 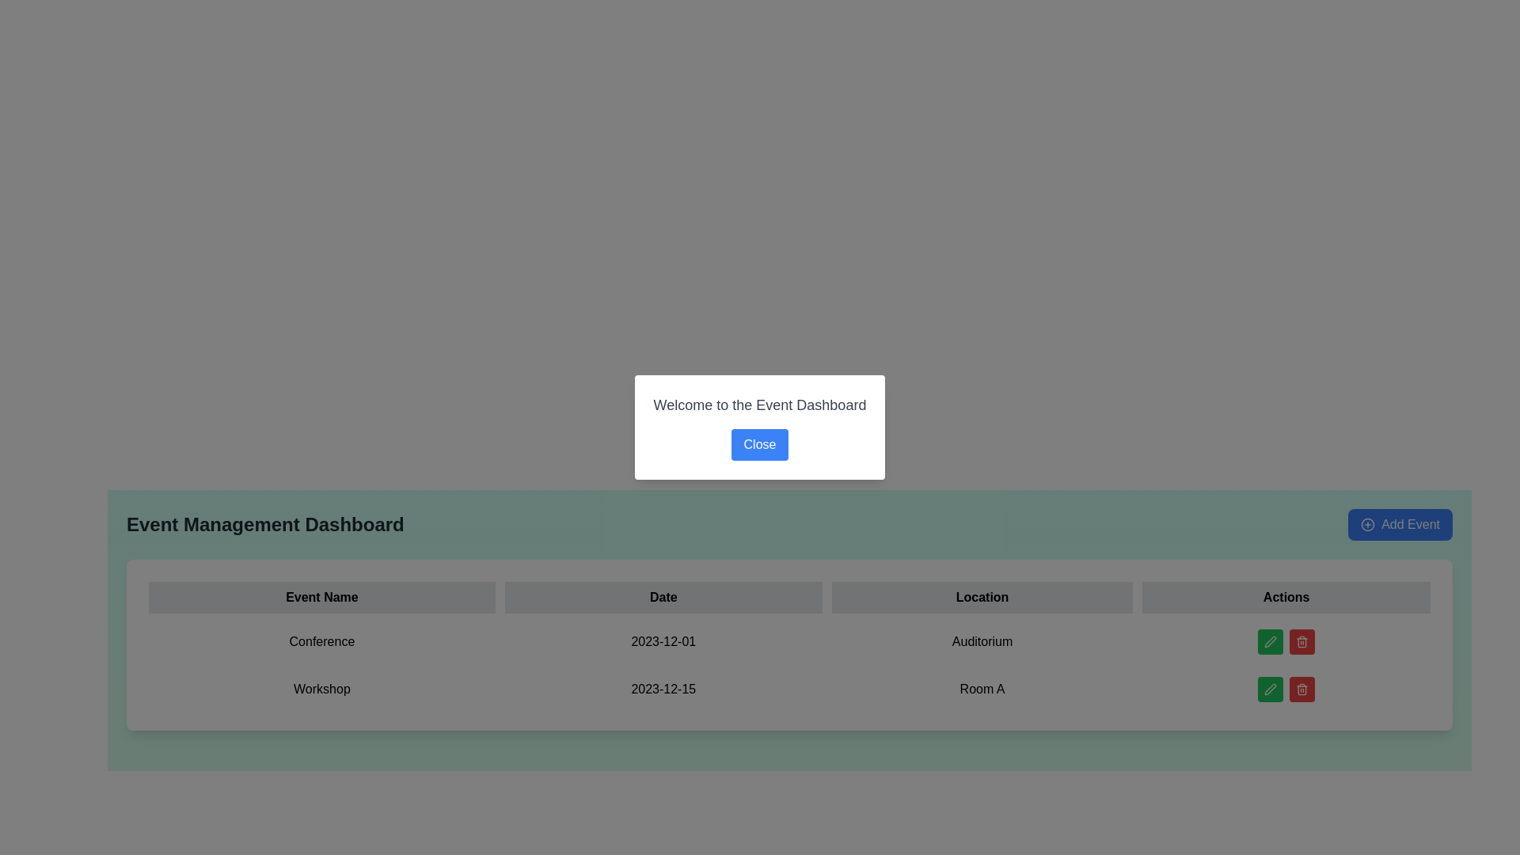 What do you see at coordinates (1271, 689) in the screenshot?
I see `the 'edit' button for the 'Workshop' event` at bounding box center [1271, 689].